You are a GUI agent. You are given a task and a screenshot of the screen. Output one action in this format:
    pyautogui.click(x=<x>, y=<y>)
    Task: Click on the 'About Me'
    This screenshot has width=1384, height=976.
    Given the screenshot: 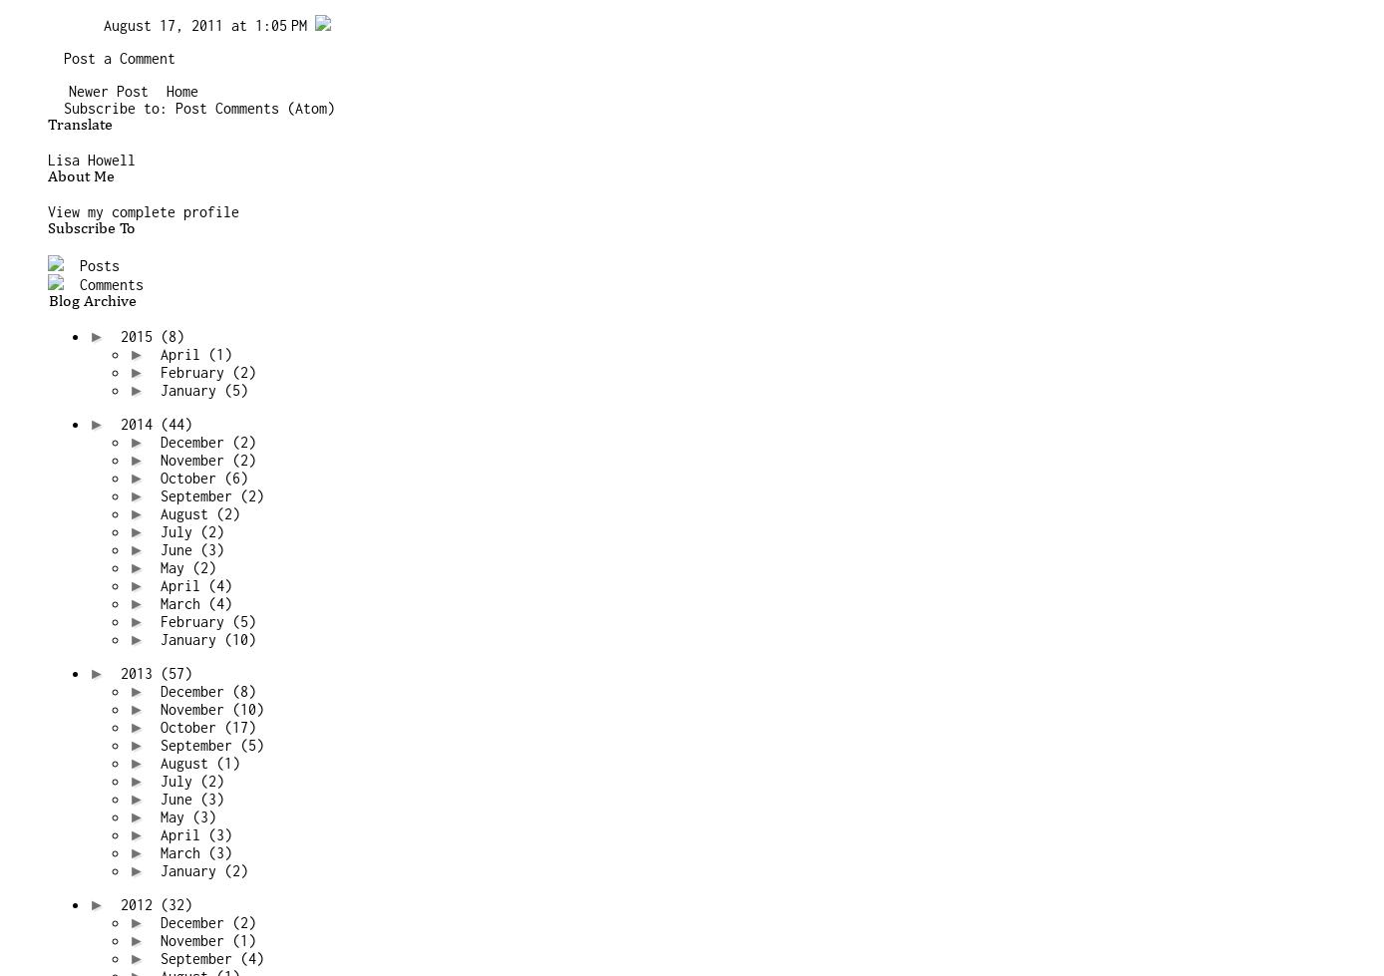 What is the action you would take?
    pyautogui.click(x=80, y=176)
    